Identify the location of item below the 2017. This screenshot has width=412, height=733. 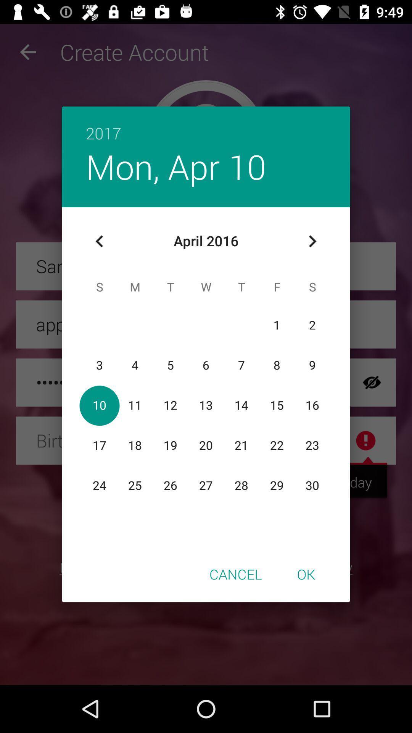
(312, 241).